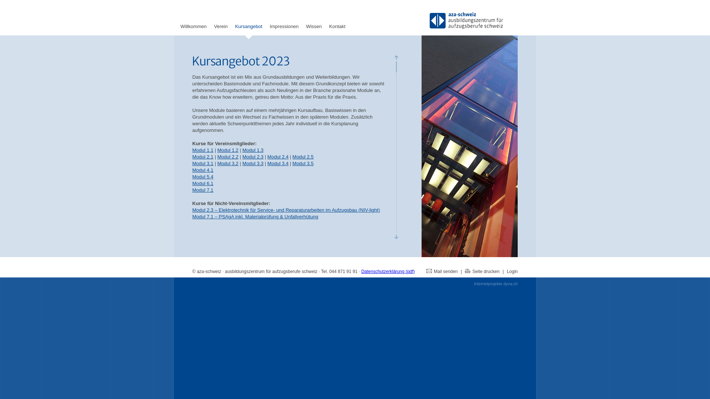 The width and height of the screenshot is (710, 399). I want to click on 'Modul 3.4', so click(277, 163).